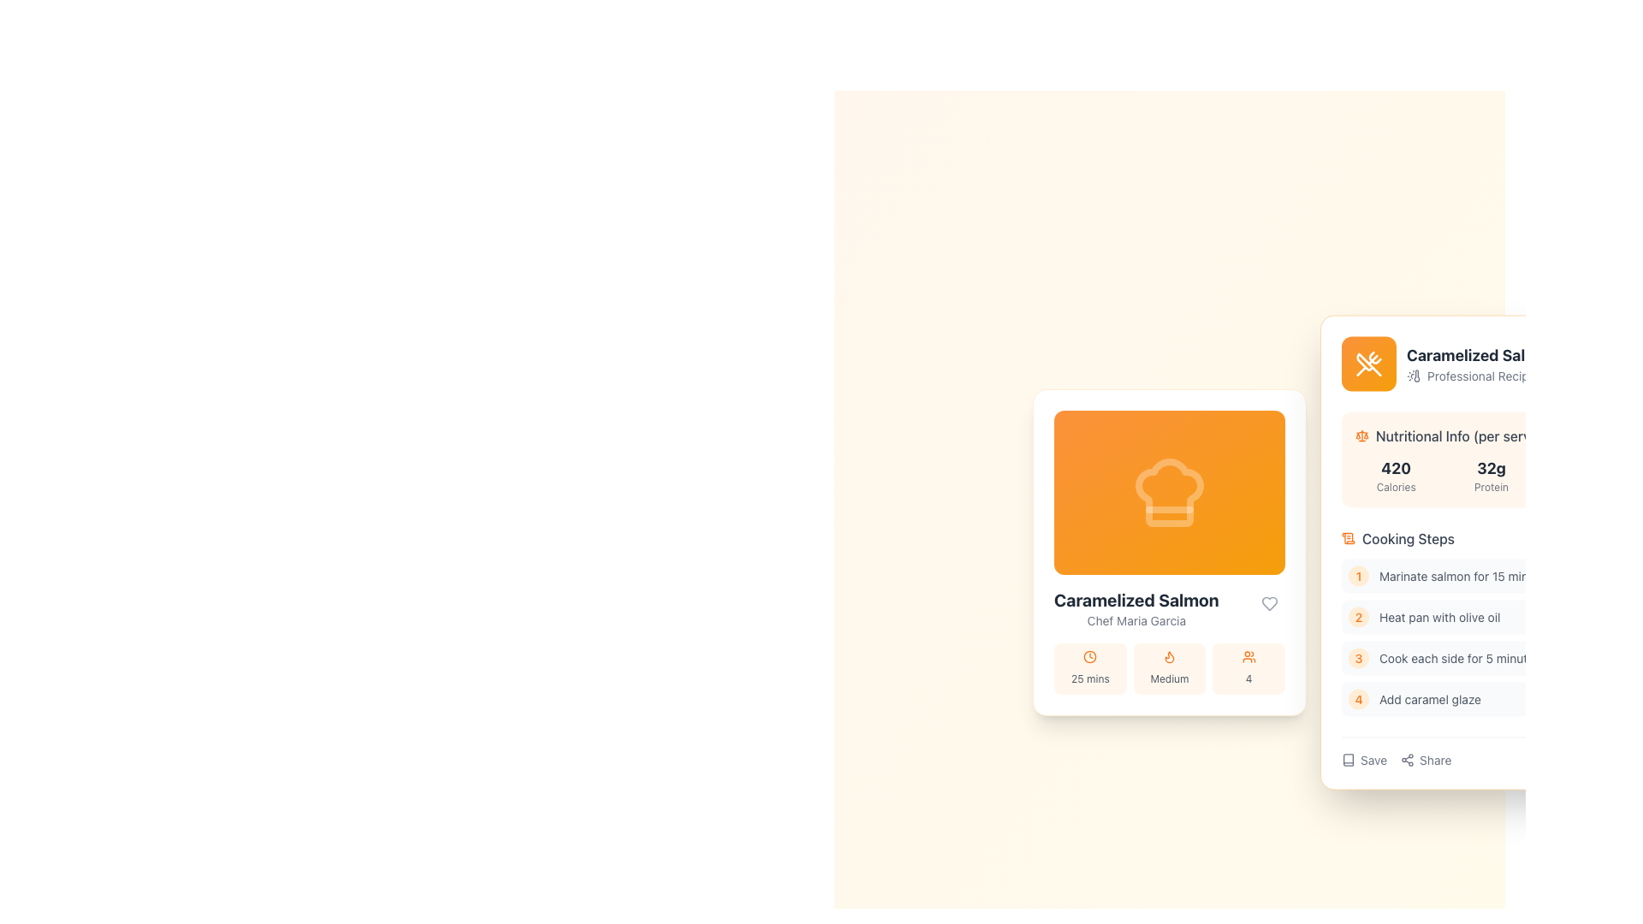  Describe the element at coordinates (1396, 468) in the screenshot. I see `the numerical text '420' indicating calorie content, which is styled in bold and larger font, located under the header 'Nutritional Info (per serving)' and above the label 'Calories'` at that location.